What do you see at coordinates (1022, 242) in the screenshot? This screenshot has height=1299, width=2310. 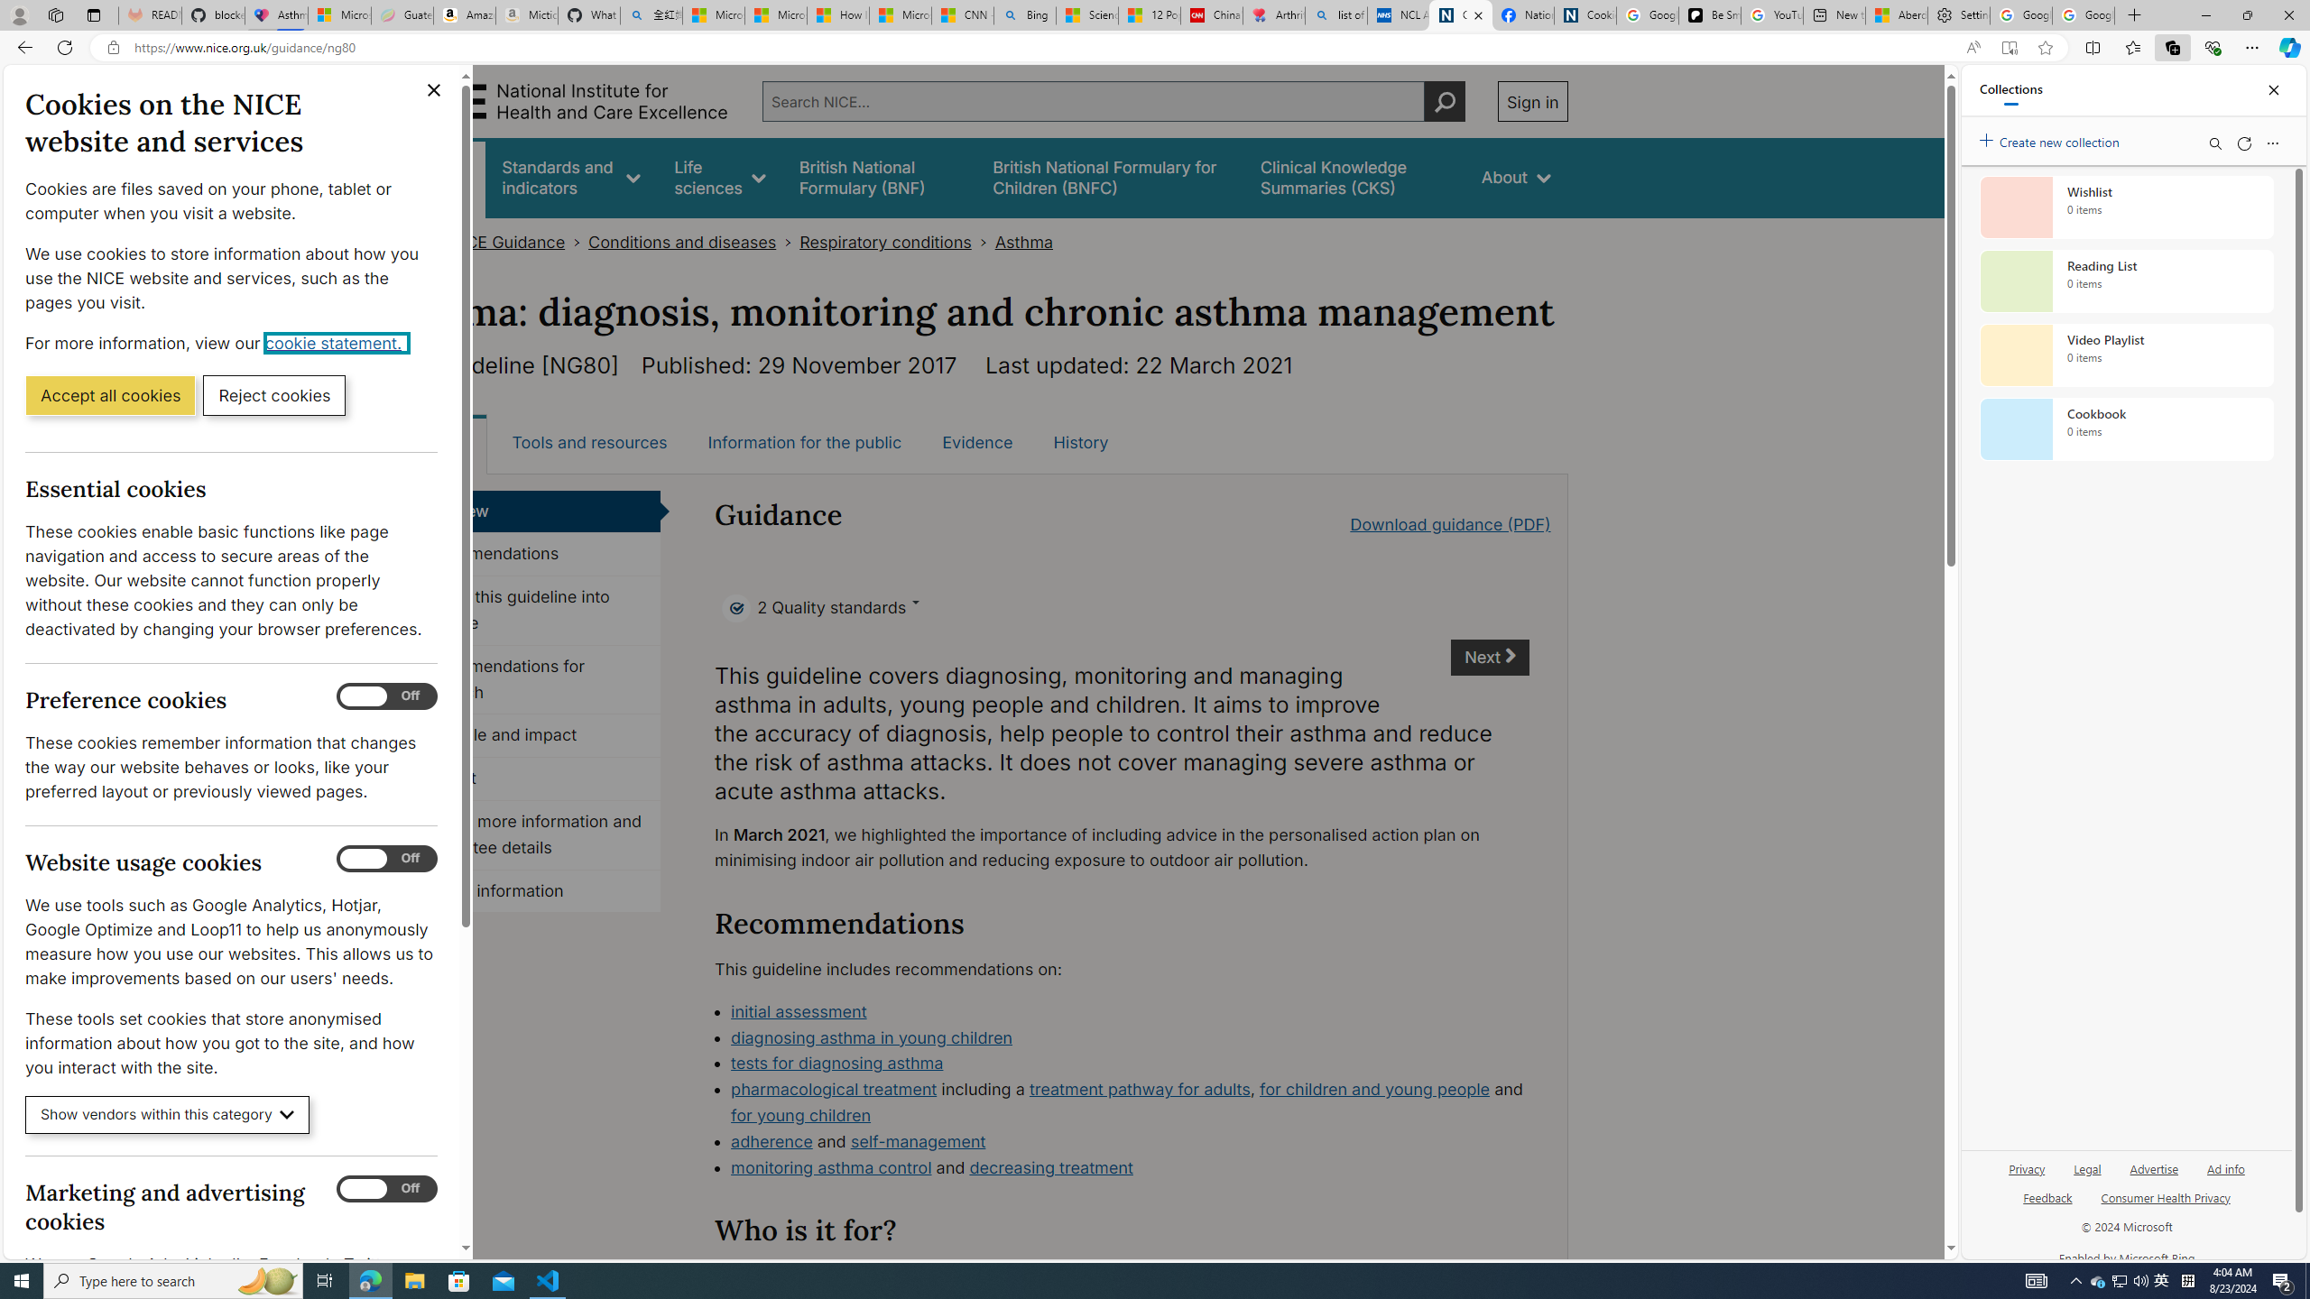 I see `'Asthma'` at bounding box center [1022, 242].